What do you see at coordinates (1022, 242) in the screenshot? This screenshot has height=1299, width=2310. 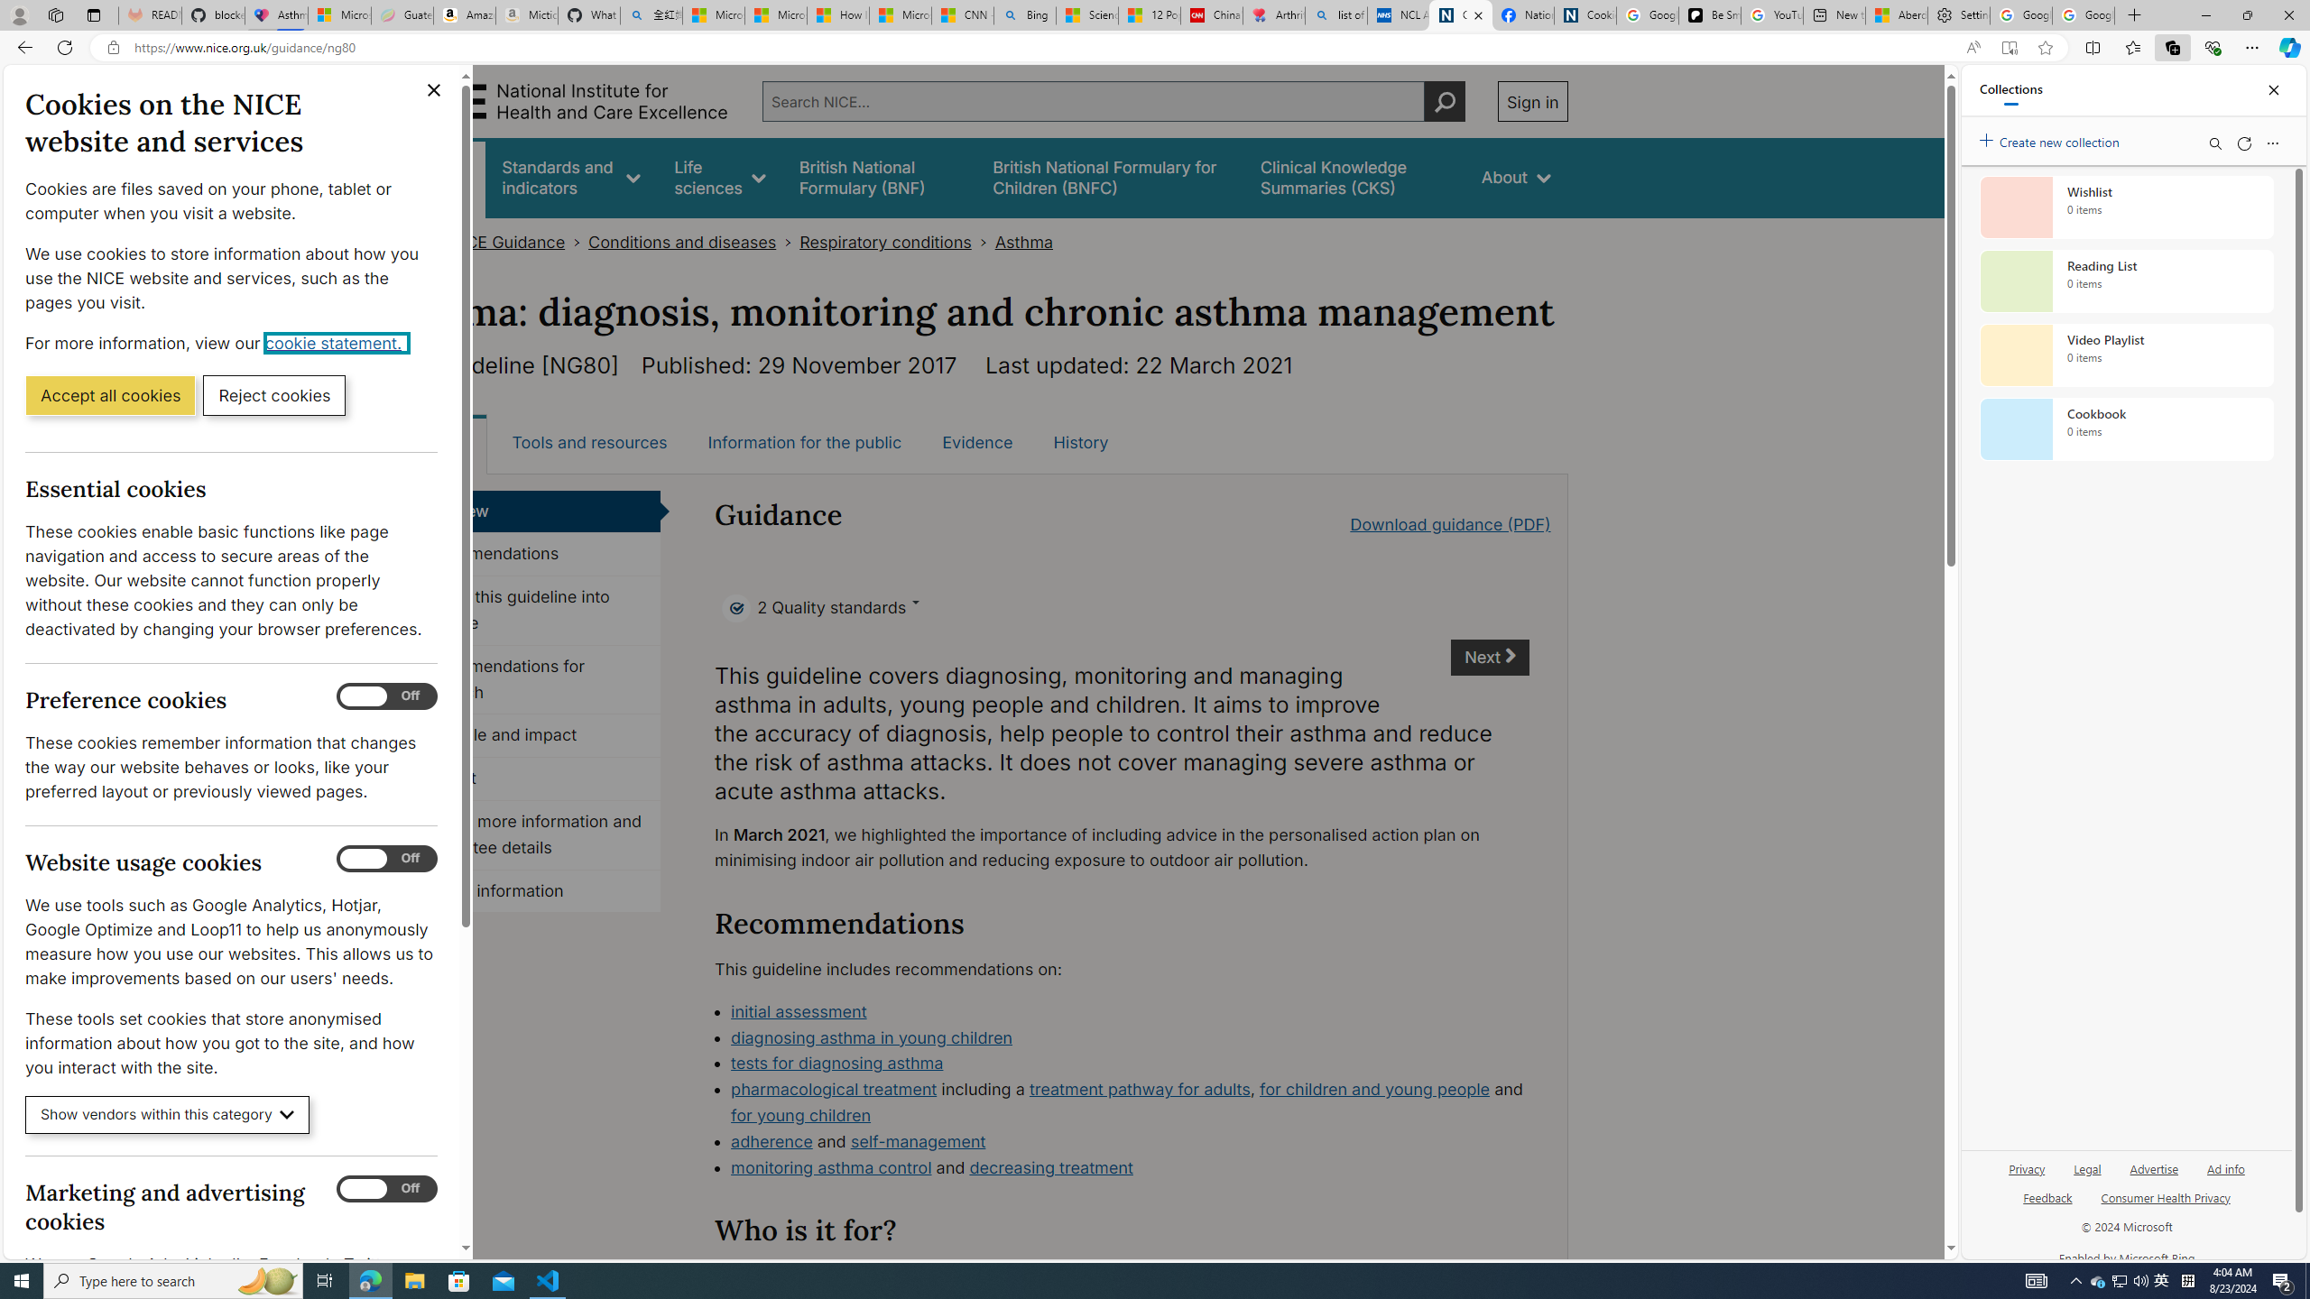 I see `'Asthma'` at bounding box center [1022, 242].